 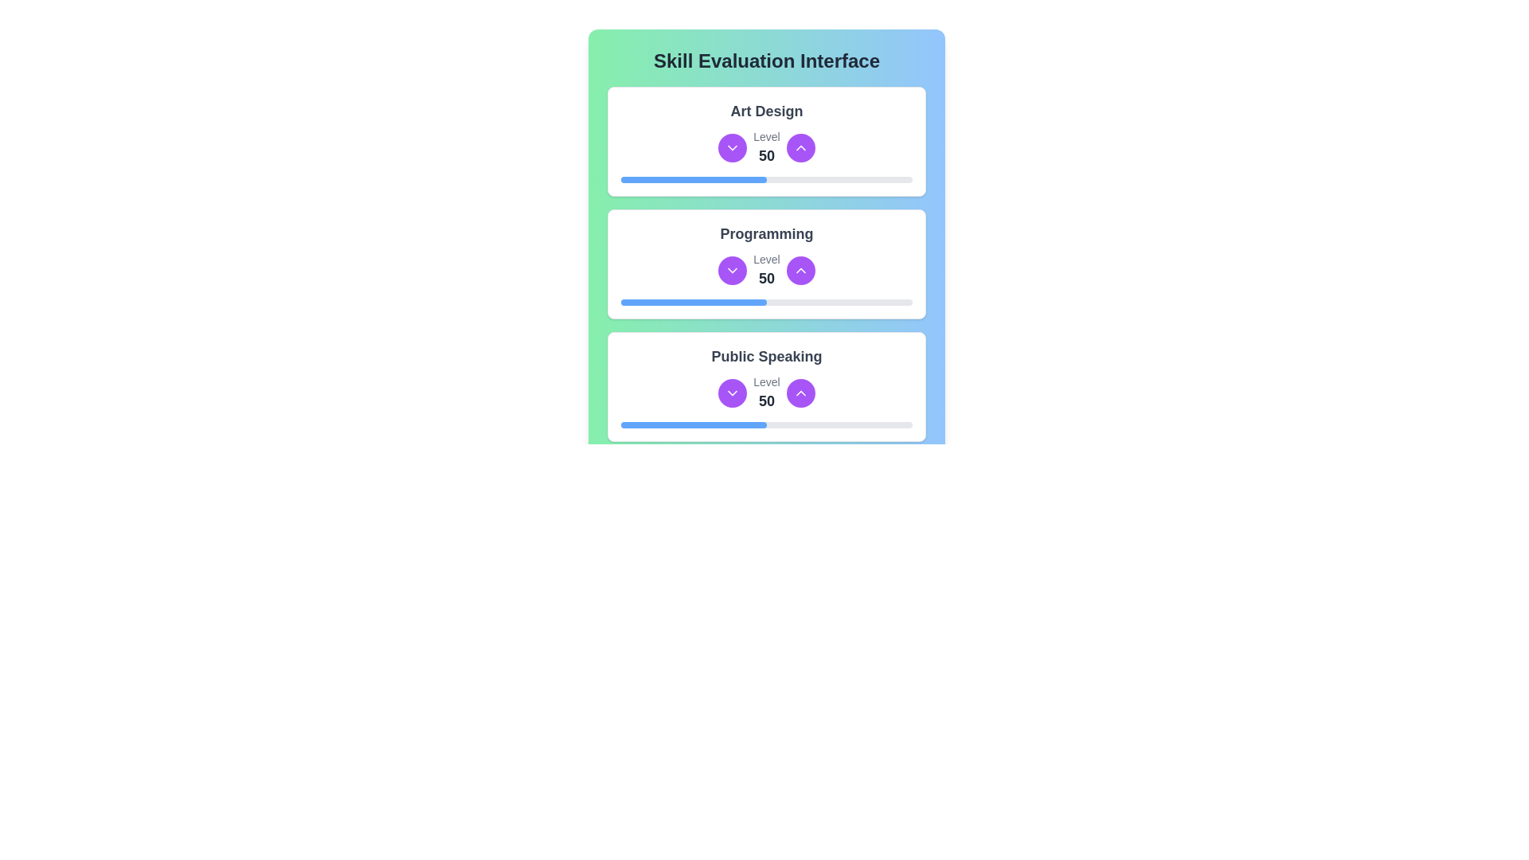 What do you see at coordinates (667, 424) in the screenshot?
I see `the slider value` at bounding box center [667, 424].